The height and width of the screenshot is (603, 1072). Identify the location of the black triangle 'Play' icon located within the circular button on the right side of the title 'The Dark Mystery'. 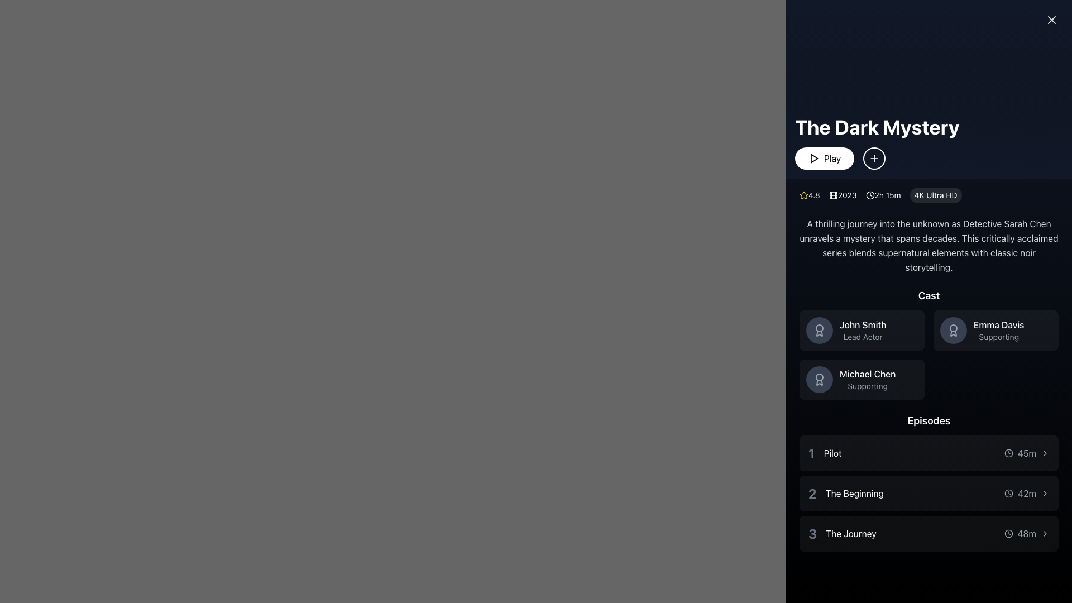
(814, 159).